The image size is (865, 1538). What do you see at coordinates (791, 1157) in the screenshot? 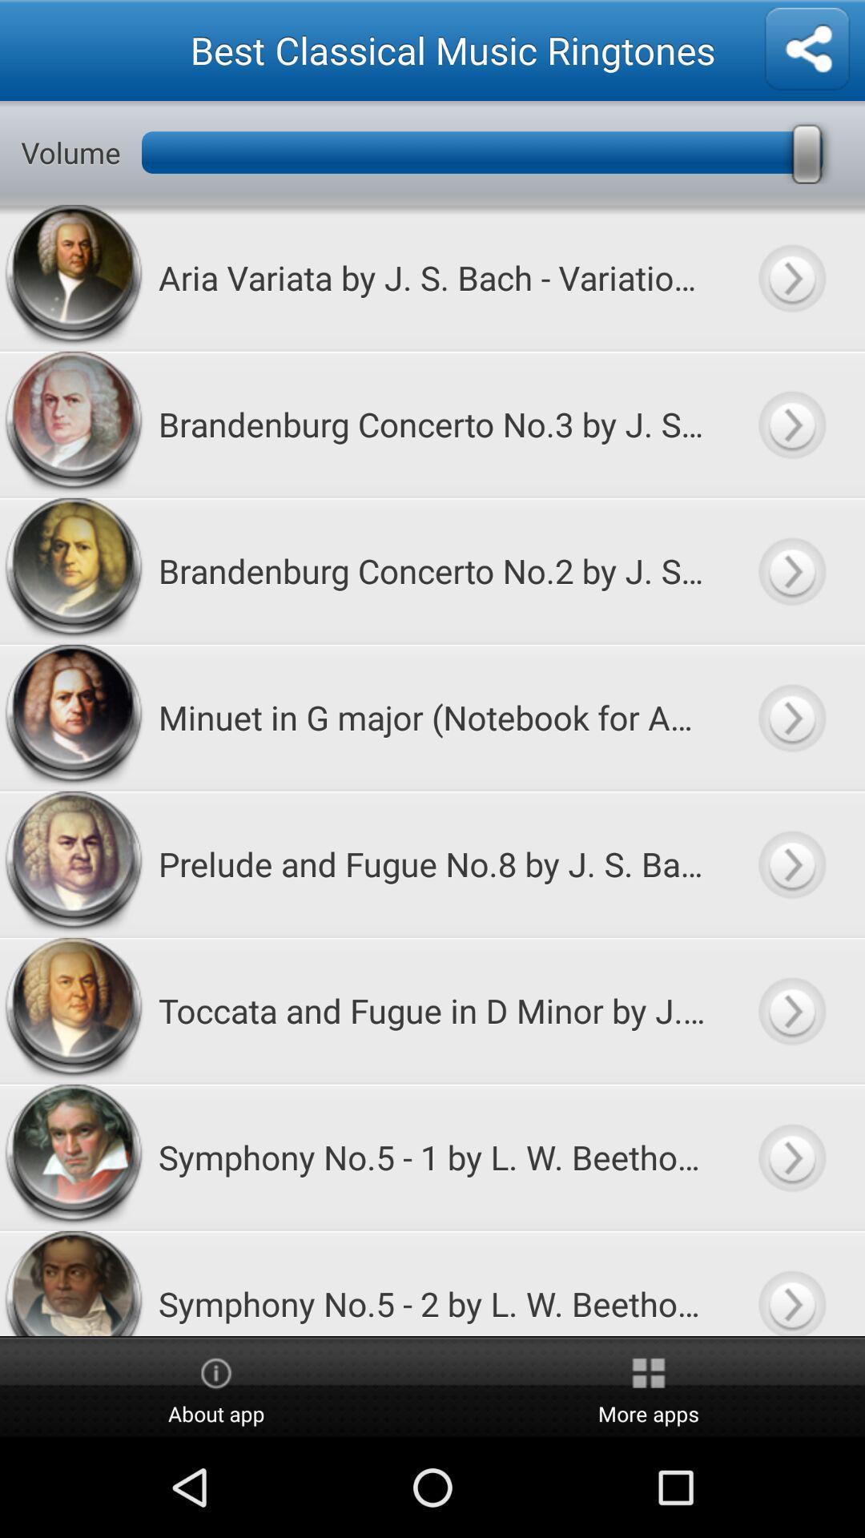
I see `ringtone` at bounding box center [791, 1157].